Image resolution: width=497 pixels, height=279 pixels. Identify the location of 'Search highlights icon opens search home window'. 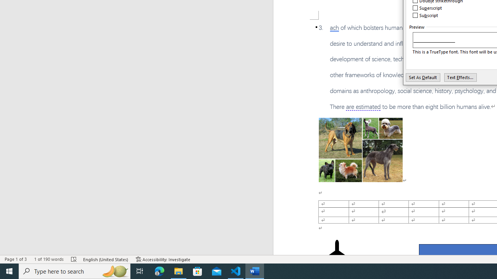
(114, 270).